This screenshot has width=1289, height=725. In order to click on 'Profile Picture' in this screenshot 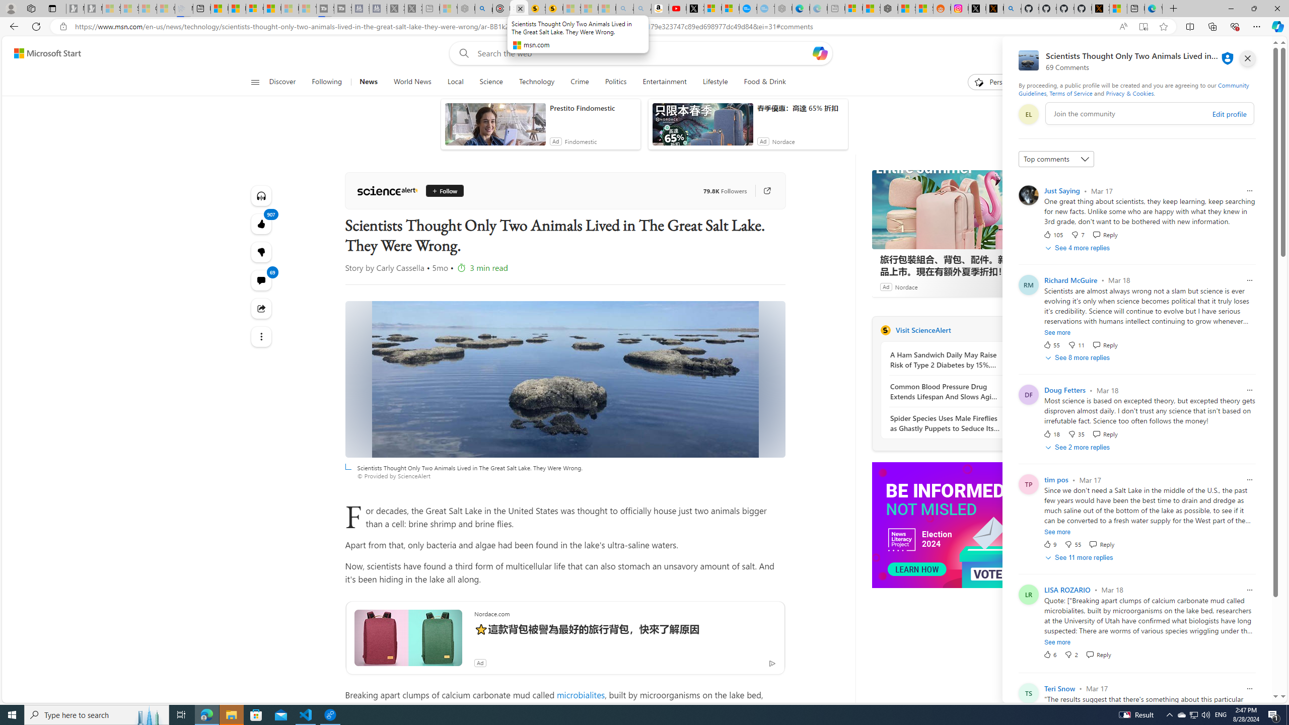, I will do `click(1028, 692)`.